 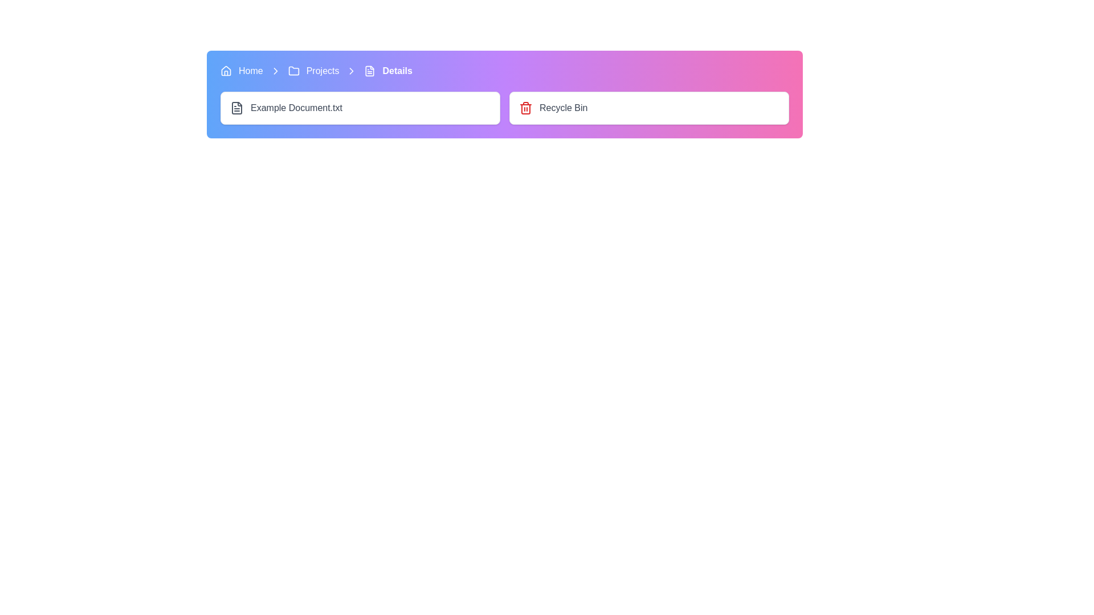 I want to click on the chevron icon in the breadcrumb navigation bar, located between the 'Home' text and the folder icon, so click(x=275, y=71).